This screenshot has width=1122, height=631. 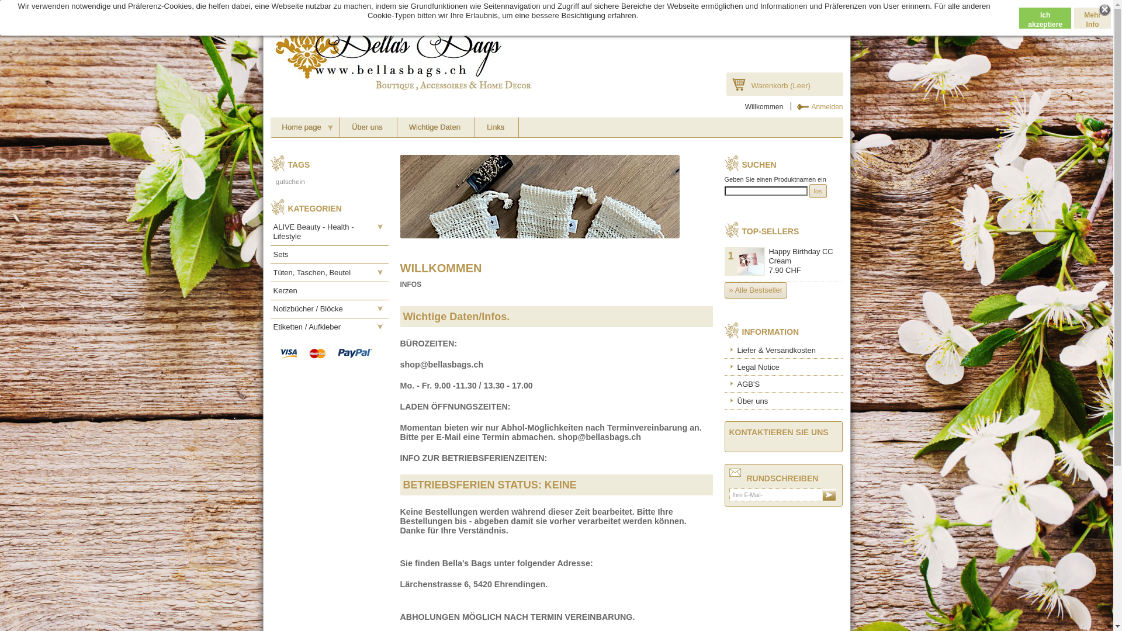 I want to click on 'Warenkorb (Leer)', so click(x=784, y=83).